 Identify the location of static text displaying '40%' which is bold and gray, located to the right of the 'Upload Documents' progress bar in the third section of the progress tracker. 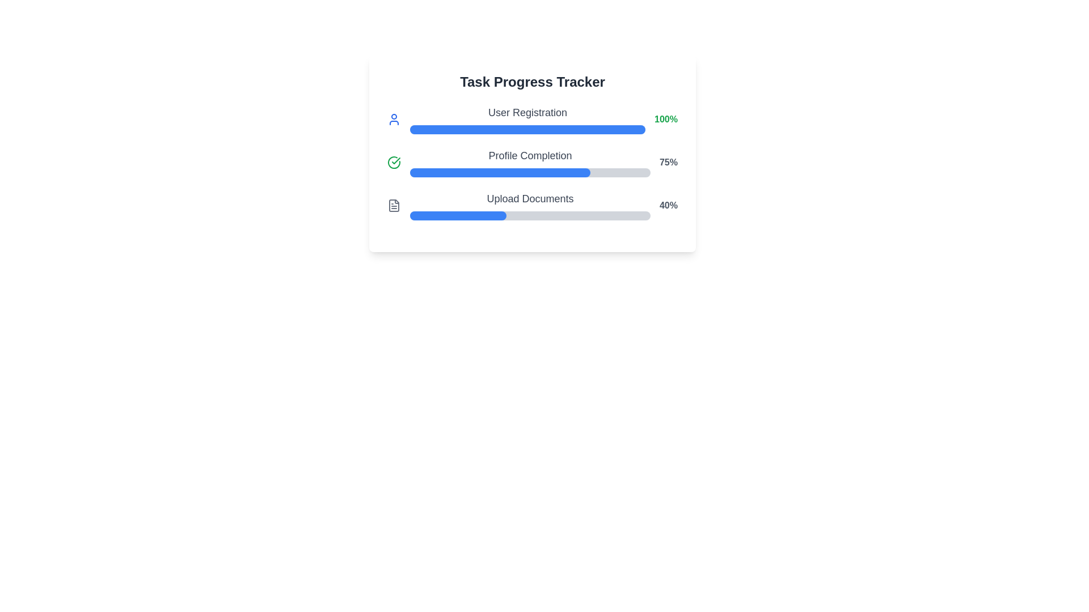
(669, 205).